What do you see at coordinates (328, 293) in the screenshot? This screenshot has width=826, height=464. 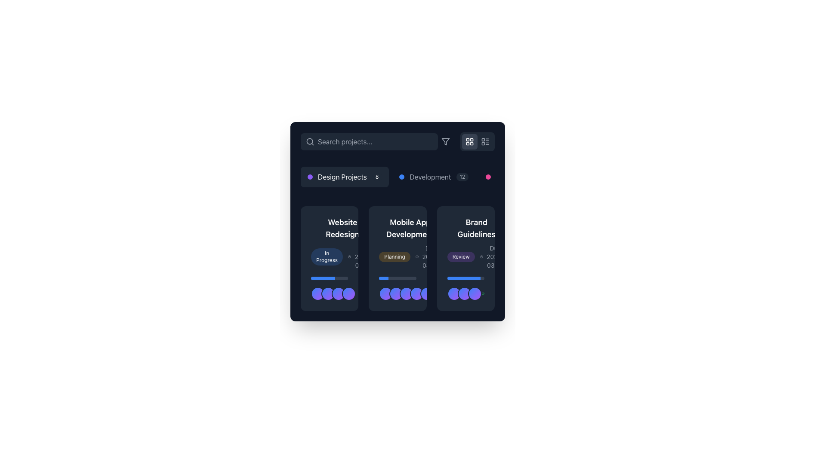 I see `the second graphical indicator or avatar located in the lower section of the 'Website Redesign' card, which is the leftmost card in the row` at bounding box center [328, 293].